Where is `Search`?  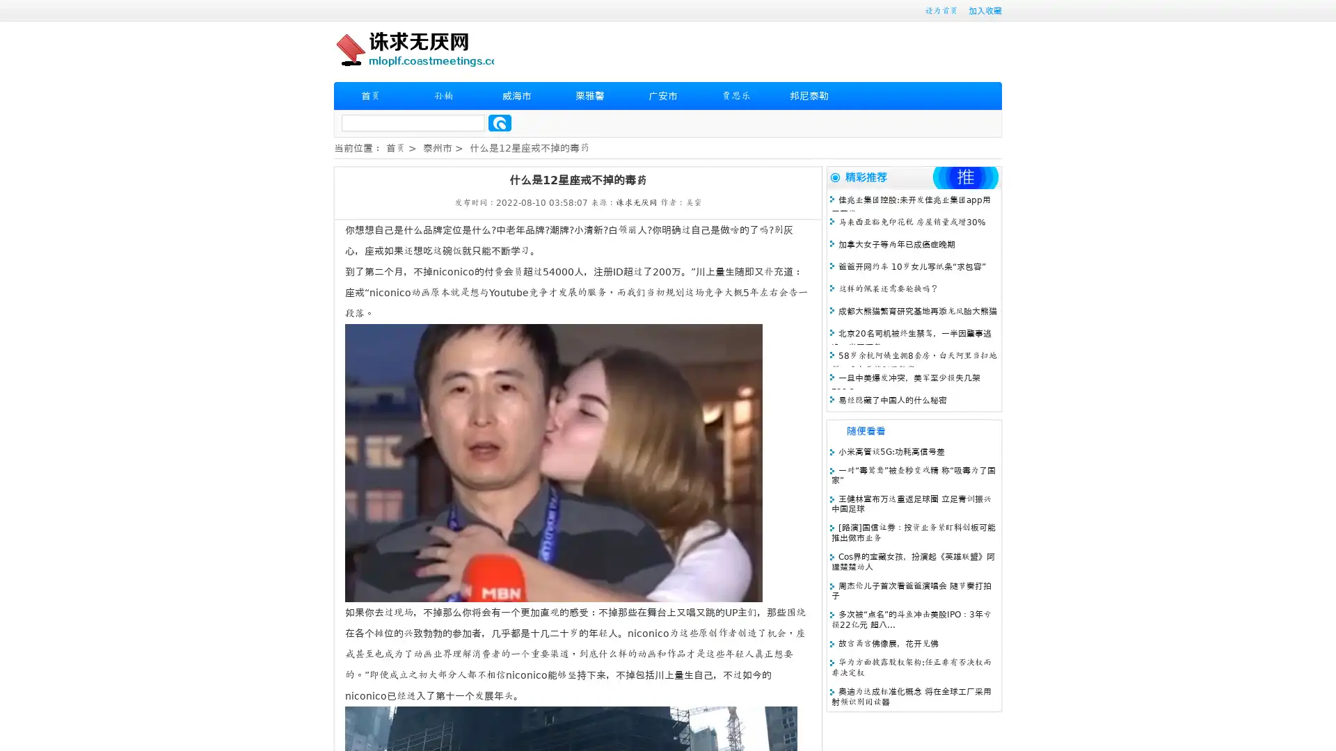 Search is located at coordinates (500, 122).